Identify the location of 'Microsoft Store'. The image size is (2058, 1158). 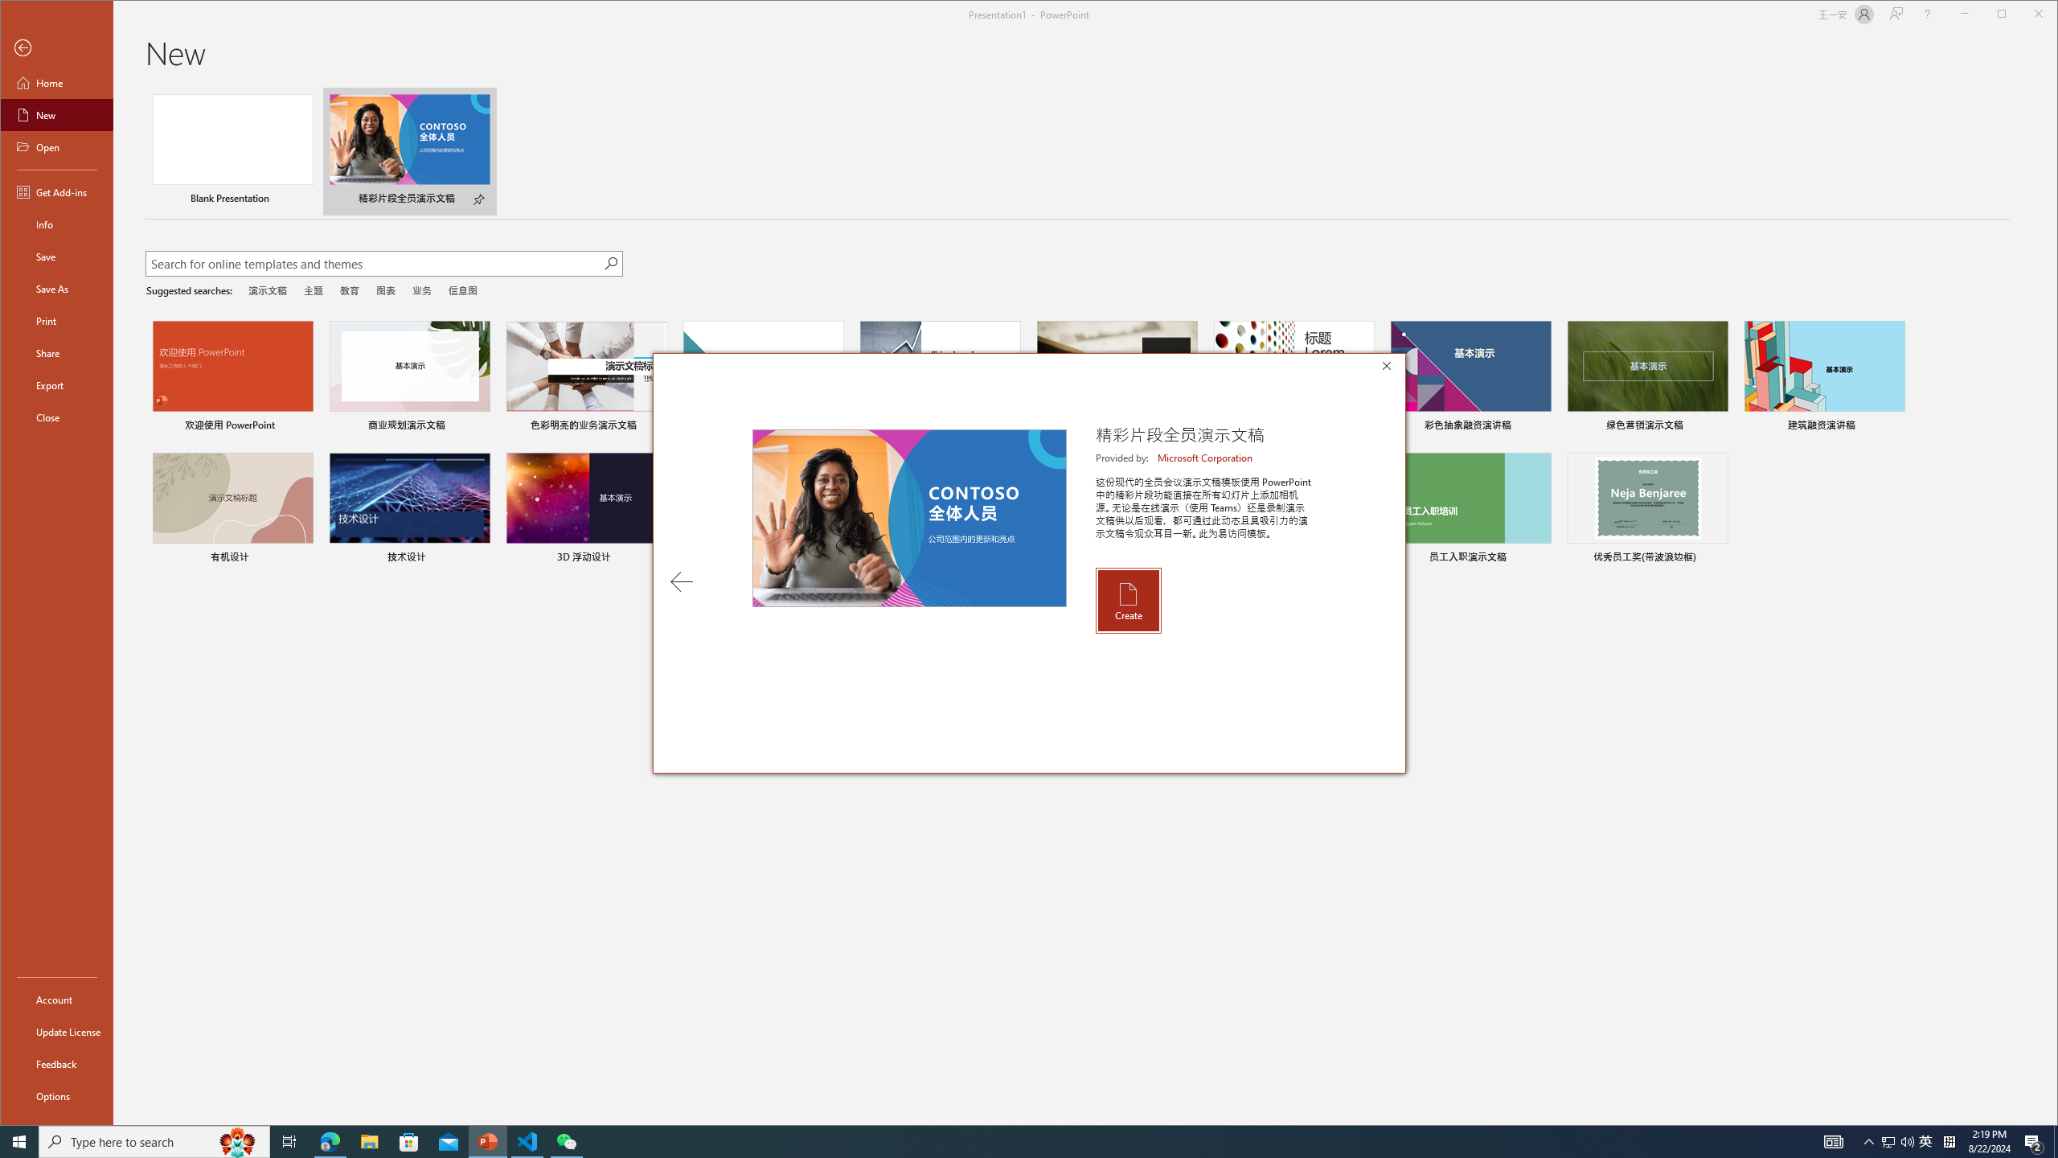
(409, 1140).